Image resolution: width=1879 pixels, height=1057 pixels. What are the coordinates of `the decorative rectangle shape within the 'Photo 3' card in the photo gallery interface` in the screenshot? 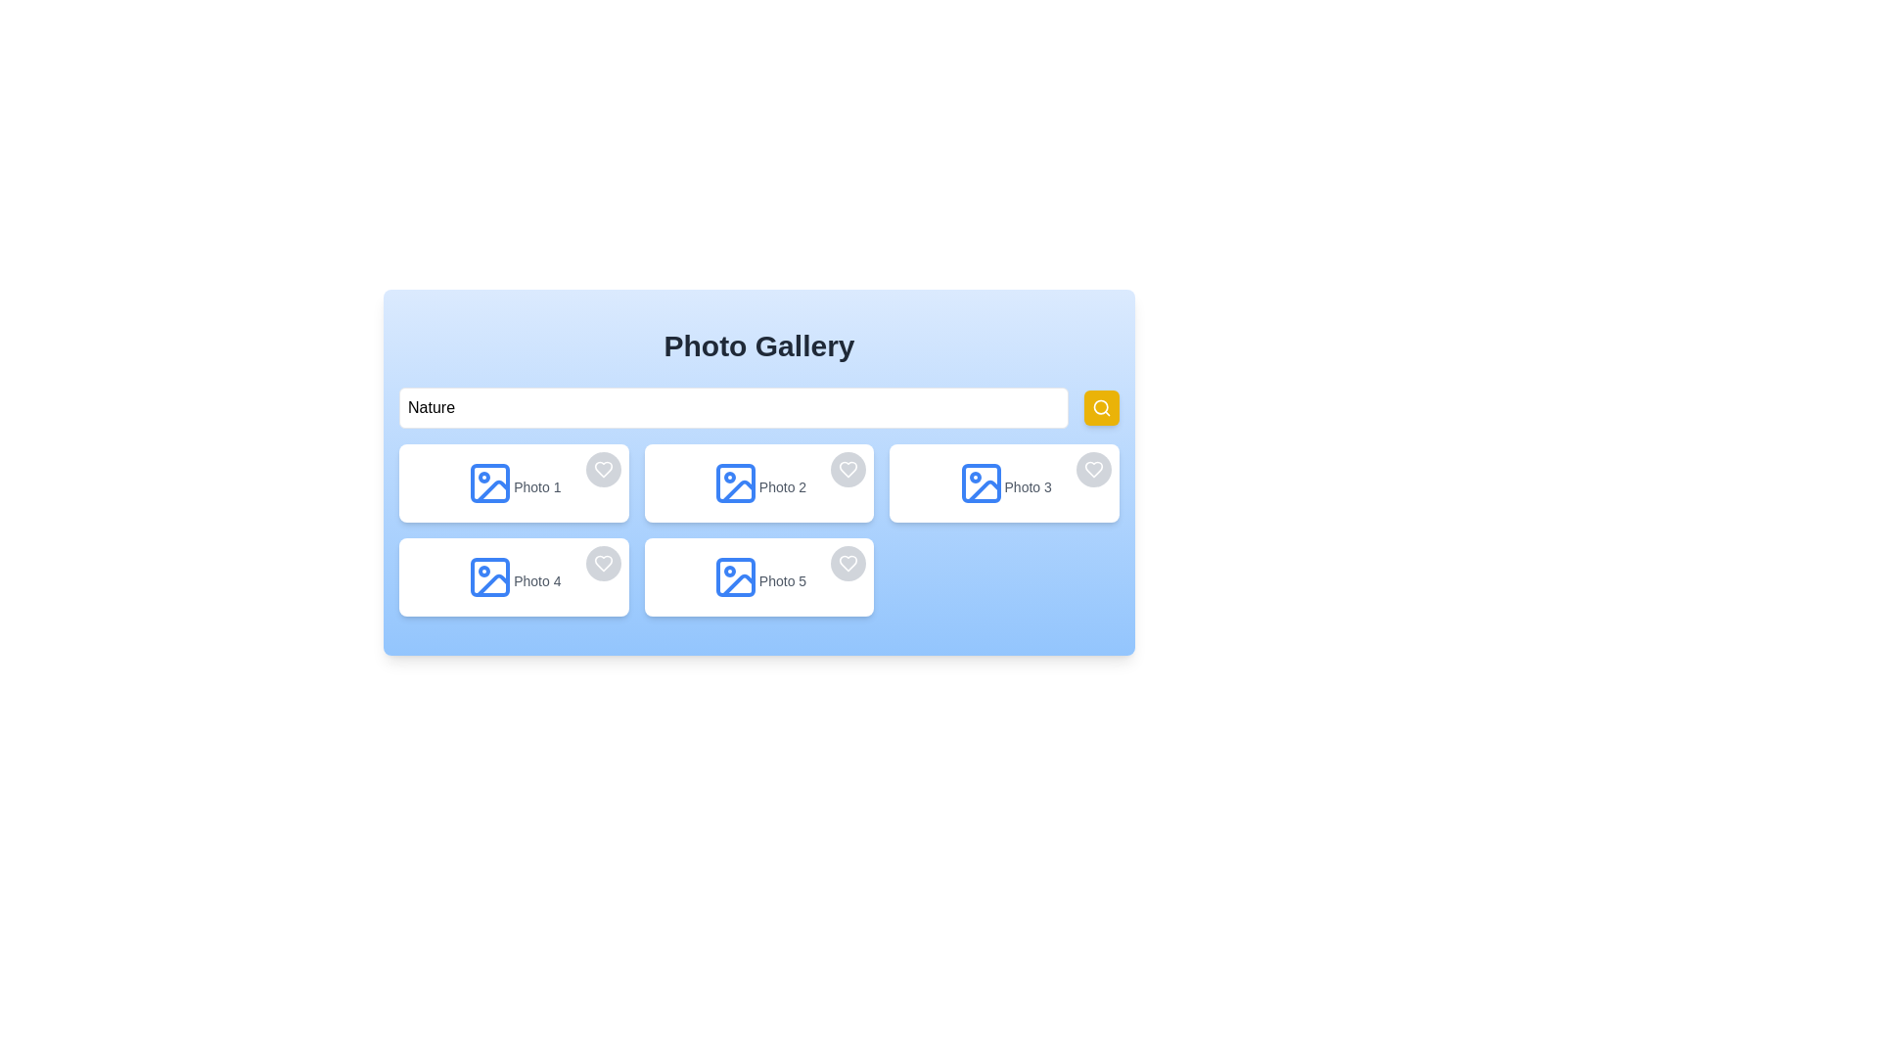 It's located at (981, 483).